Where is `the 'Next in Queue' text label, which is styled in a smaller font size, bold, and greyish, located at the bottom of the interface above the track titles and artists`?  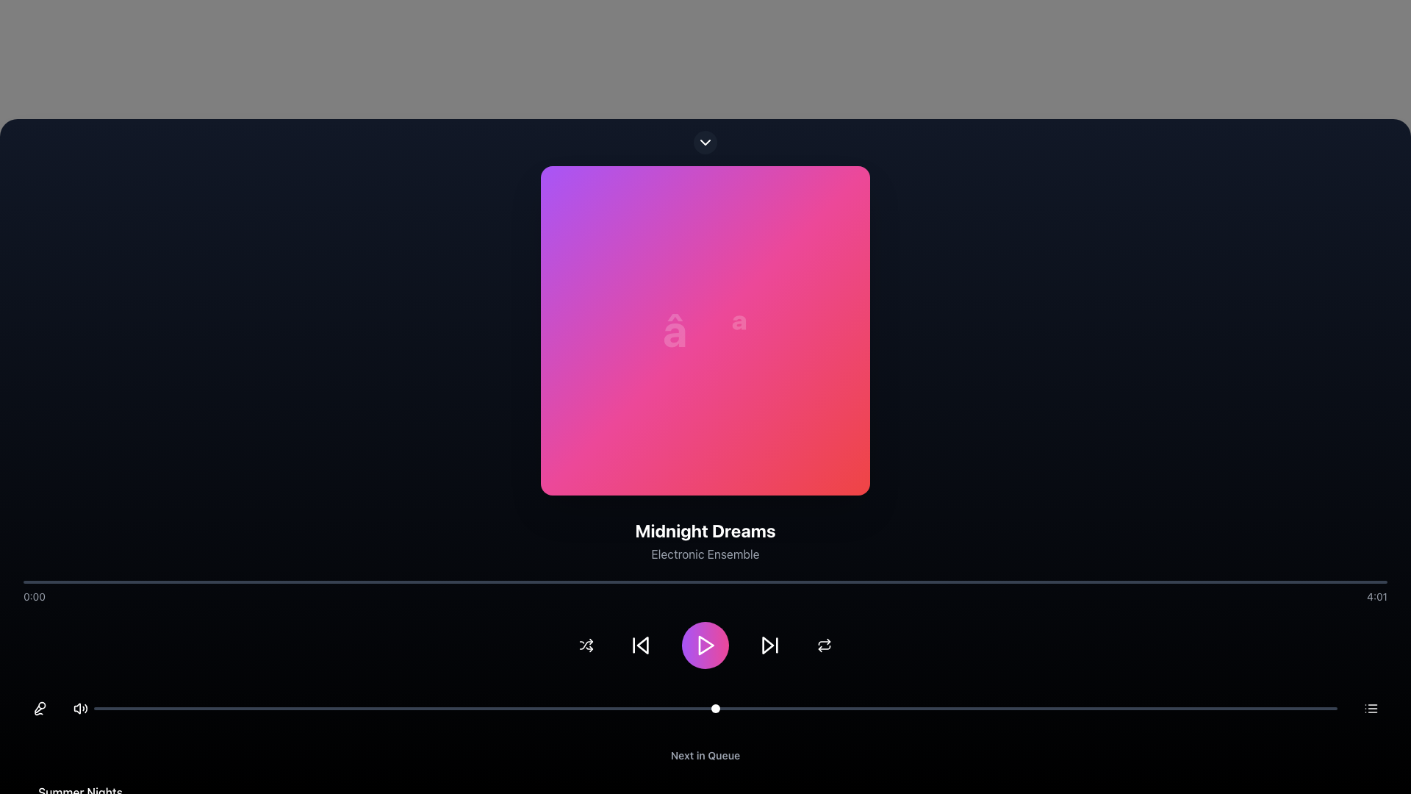 the 'Next in Queue' text label, which is styled in a smaller font size, bold, and greyish, located at the bottom of the interface above the track titles and artists is located at coordinates (705, 756).